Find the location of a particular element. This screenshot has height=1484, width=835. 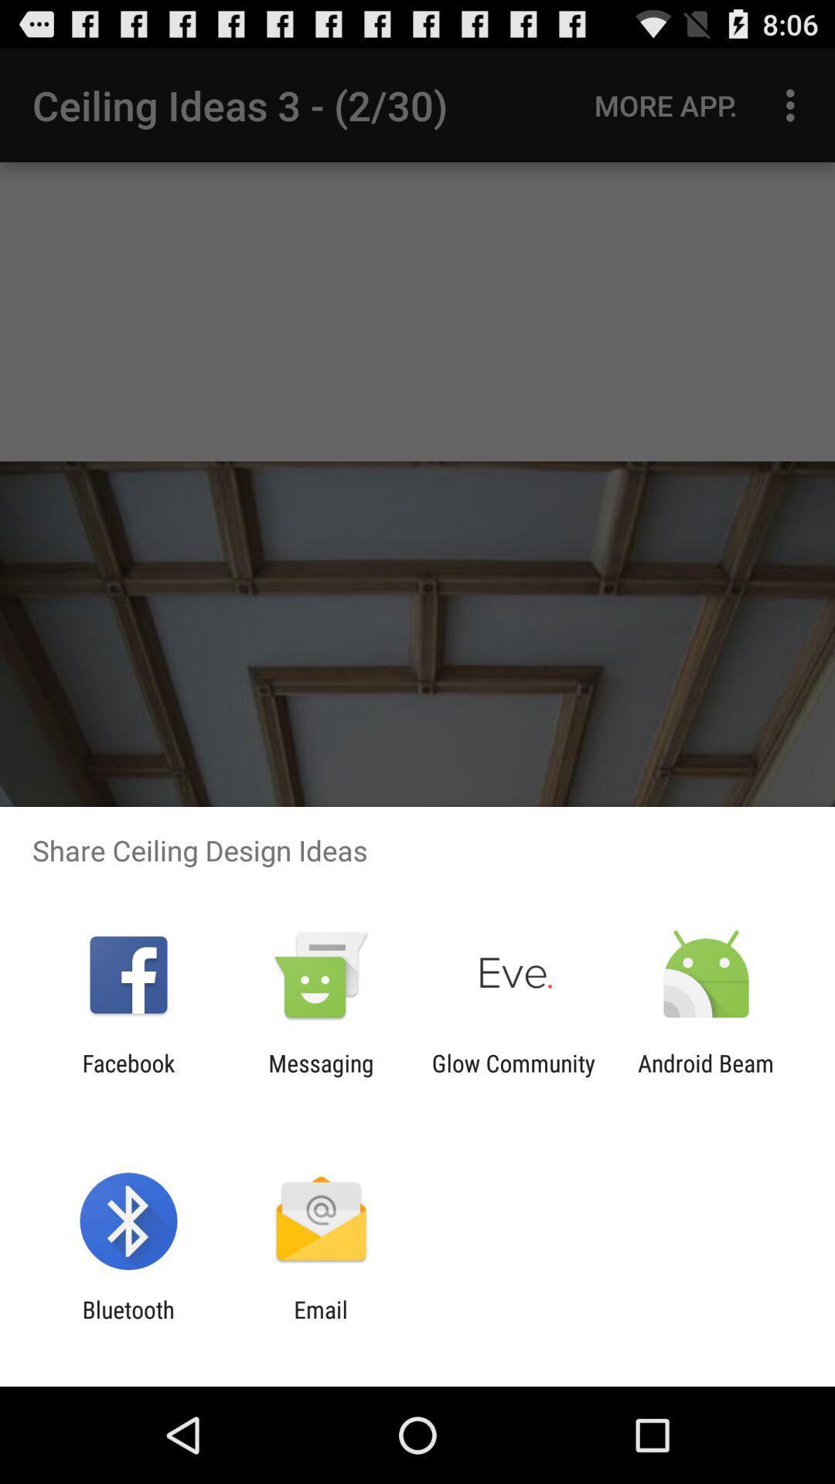

the bluetooth icon is located at coordinates (128, 1322).